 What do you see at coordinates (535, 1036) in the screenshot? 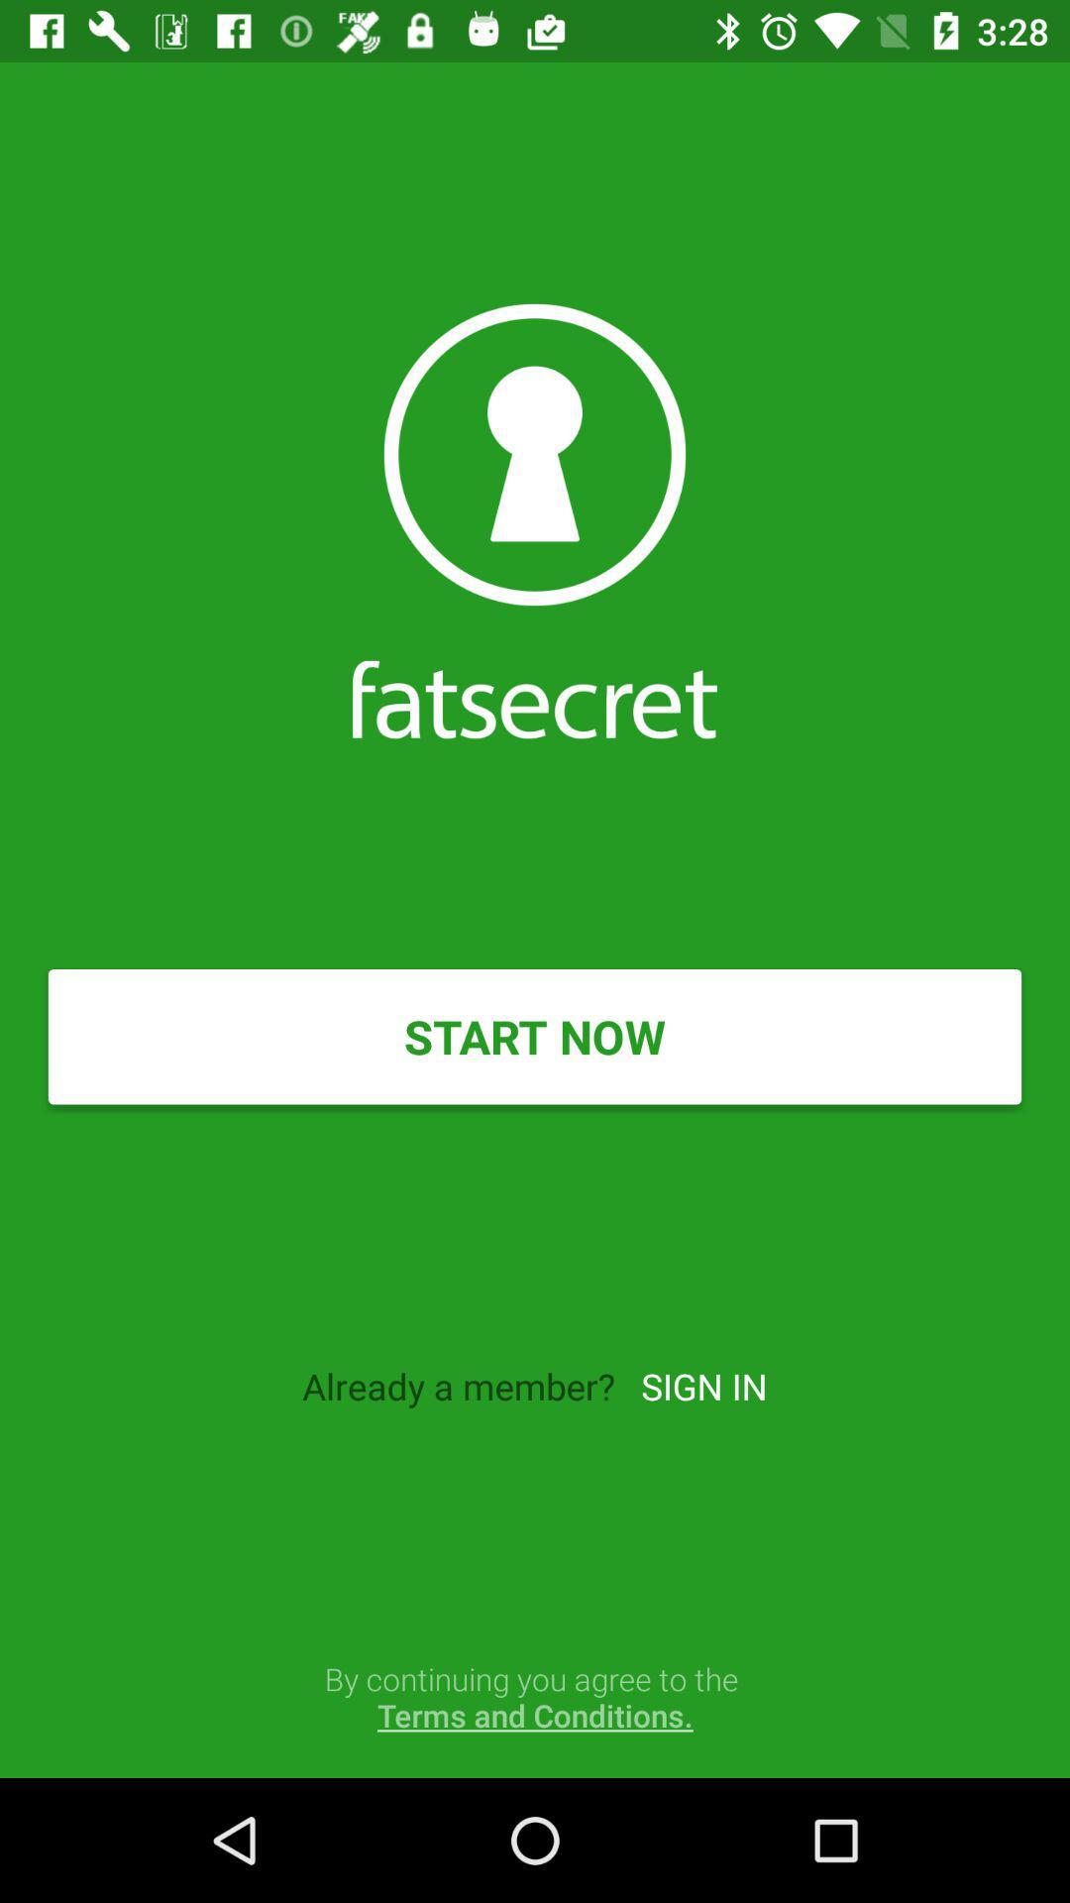
I see `start now` at bounding box center [535, 1036].